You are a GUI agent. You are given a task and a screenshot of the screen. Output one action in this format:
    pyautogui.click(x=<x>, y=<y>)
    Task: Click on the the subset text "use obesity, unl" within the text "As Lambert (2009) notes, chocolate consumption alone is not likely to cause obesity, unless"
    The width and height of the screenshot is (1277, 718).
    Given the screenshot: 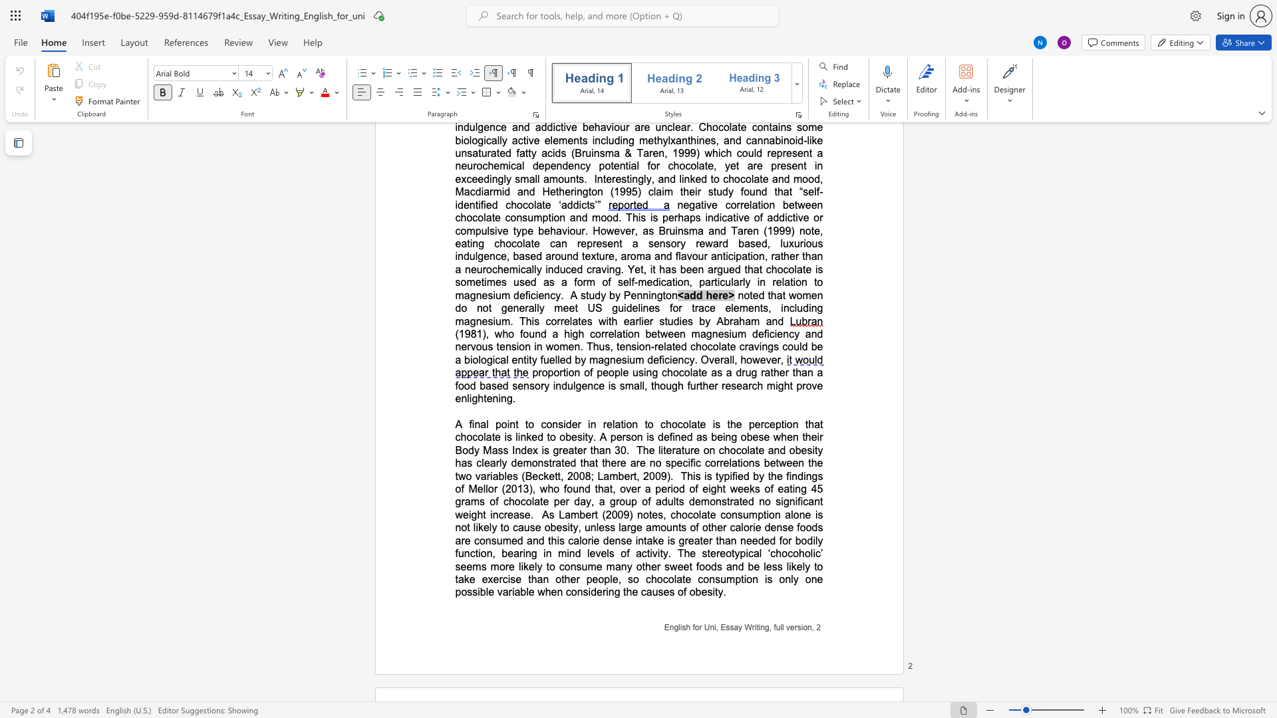 What is the action you would take?
    pyautogui.click(x=523, y=527)
    